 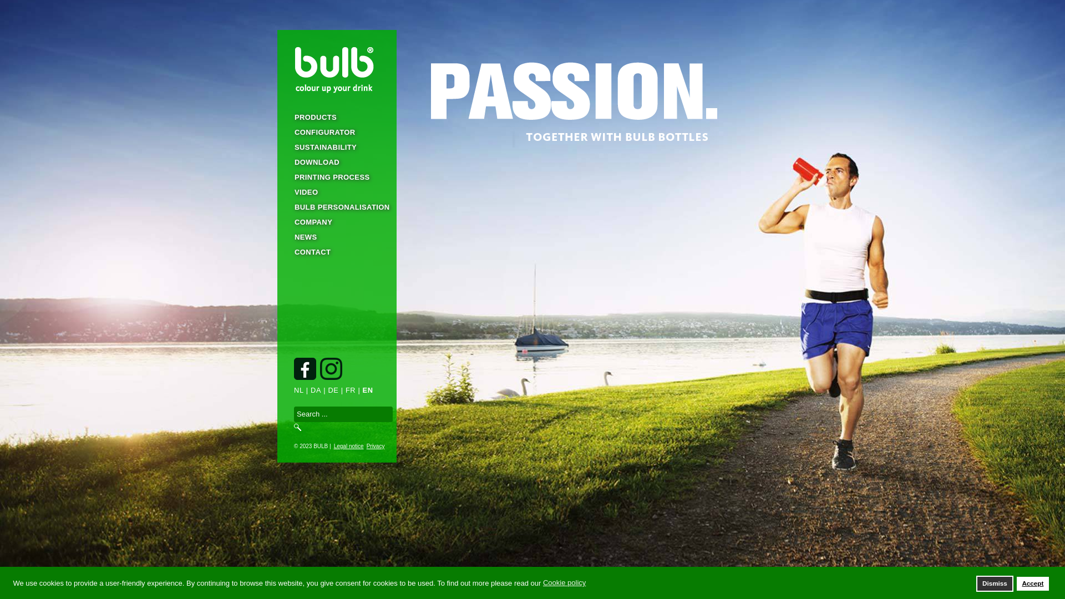 I want to click on 'Legal notice', so click(x=347, y=446).